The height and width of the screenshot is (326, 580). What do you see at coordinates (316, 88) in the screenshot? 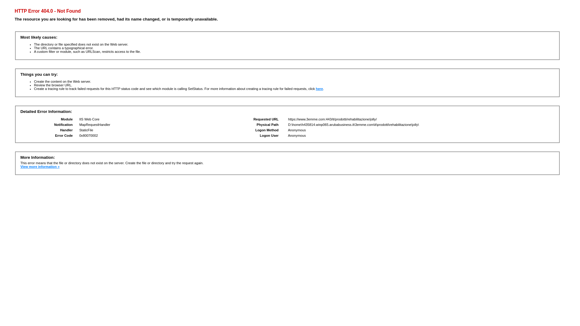
I see `'here'` at bounding box center [316, 88].